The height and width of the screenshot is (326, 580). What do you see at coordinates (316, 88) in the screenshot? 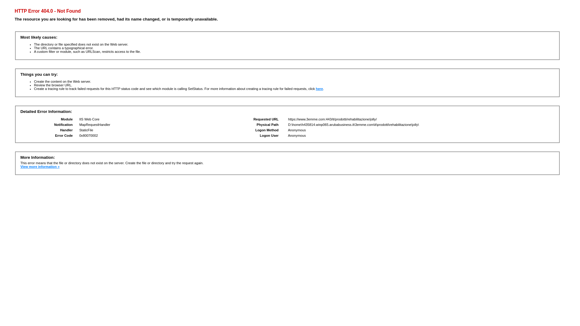
I see `'here'` at bounding box center [316, 88].